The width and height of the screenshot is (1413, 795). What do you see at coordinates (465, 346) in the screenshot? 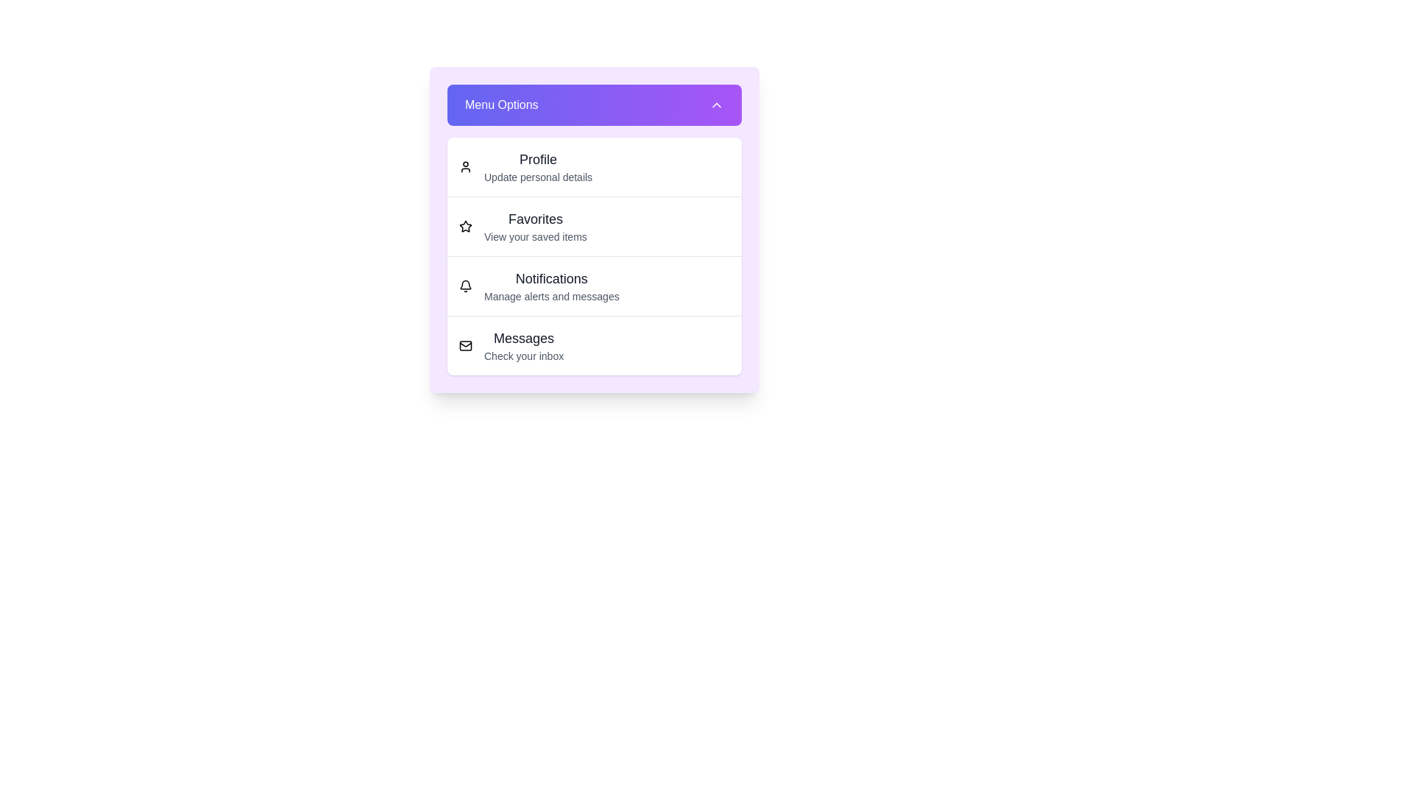
I see `the menu item corresponding to Messages` at bounding box center [465, 346].